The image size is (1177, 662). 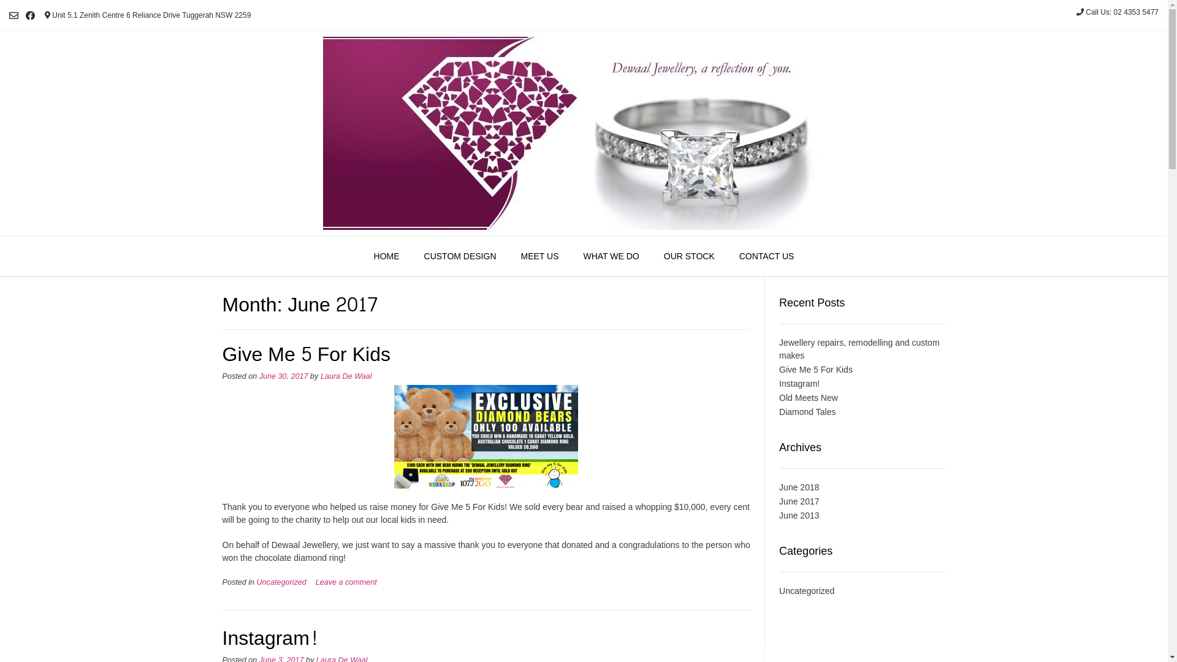 What do you see at coordinates (13, 15) in the screenshot?
I see `'Send Us an Email'` at bounding box center [13, 15].